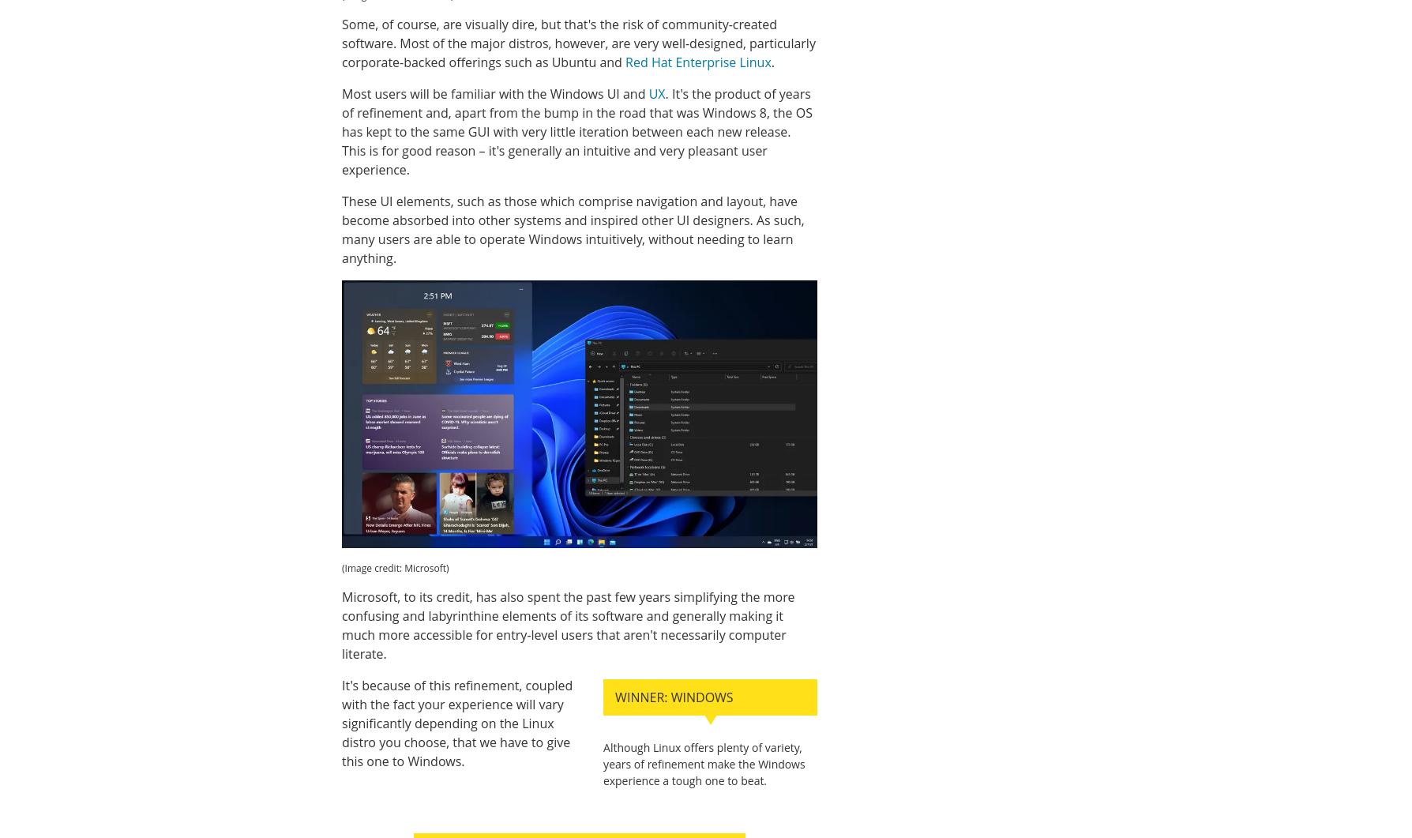 This screenshot has width=1412, height=838. What do you see at coordinates (673, 697) in the screenshot?
I see `'Winner: Windows'` at bounding box center [673, 697].